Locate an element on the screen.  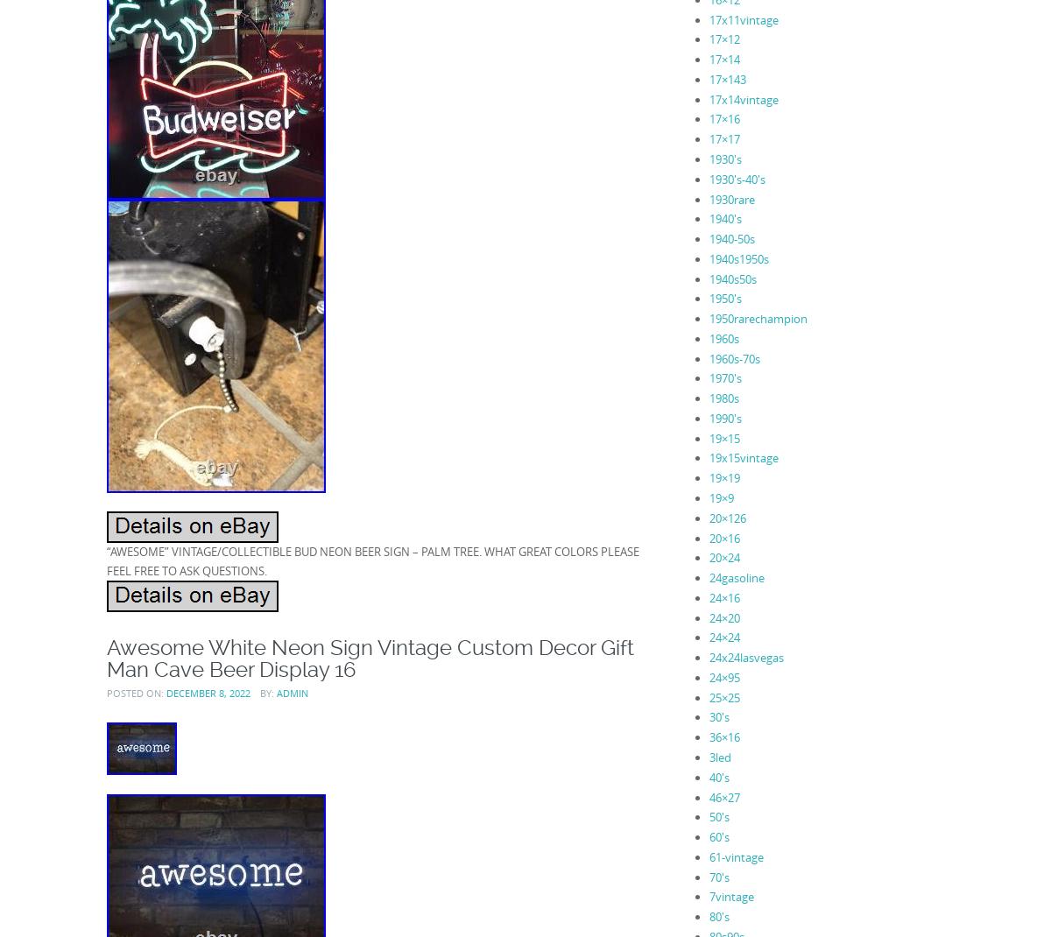
'24×95' is located at coordinates (723, 675).